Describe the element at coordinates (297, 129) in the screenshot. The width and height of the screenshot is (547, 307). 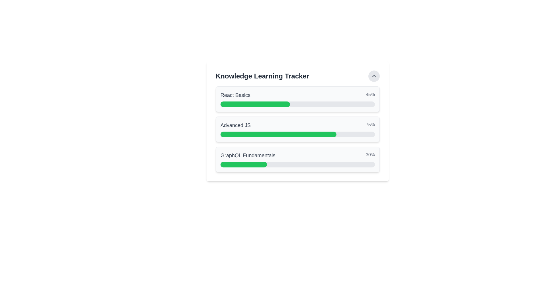
I see `the progress bar for the course 'Advanced JS' located under the 'Knowledge Learning Tracker' section, which is the second progress bar in the list` at that location.